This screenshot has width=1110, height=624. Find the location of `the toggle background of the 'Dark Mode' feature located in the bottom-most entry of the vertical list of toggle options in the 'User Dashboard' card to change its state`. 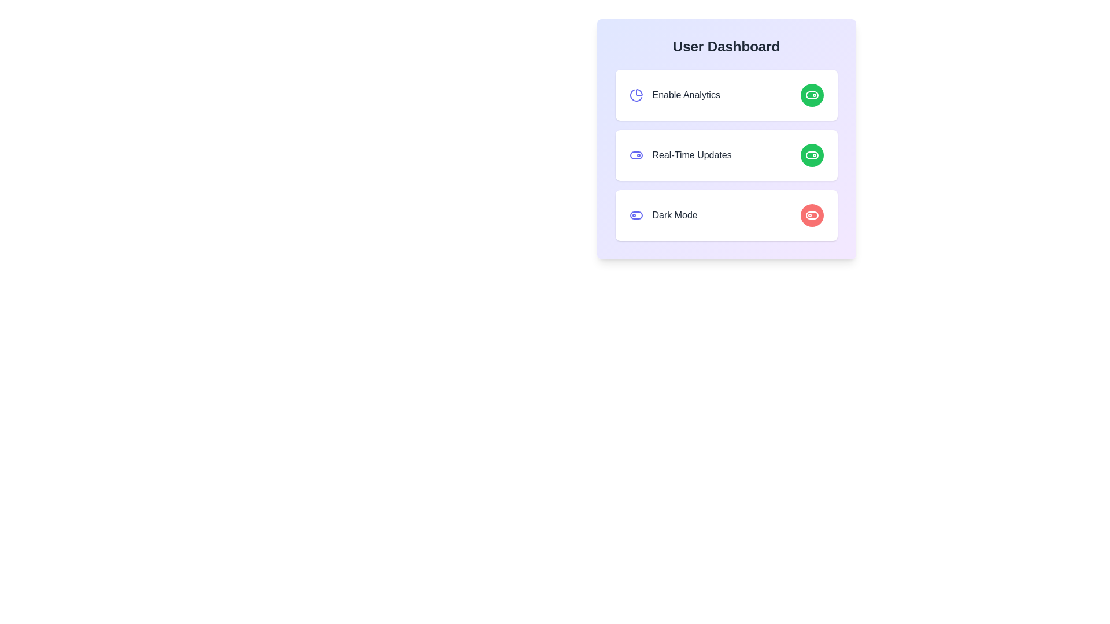

the toggle background of the 'Dark Mode' feature located in the bottom-most entry of the vertical list of toggle options in the 'User Dashboard' card to change its state is located at coordinates (811, 216).